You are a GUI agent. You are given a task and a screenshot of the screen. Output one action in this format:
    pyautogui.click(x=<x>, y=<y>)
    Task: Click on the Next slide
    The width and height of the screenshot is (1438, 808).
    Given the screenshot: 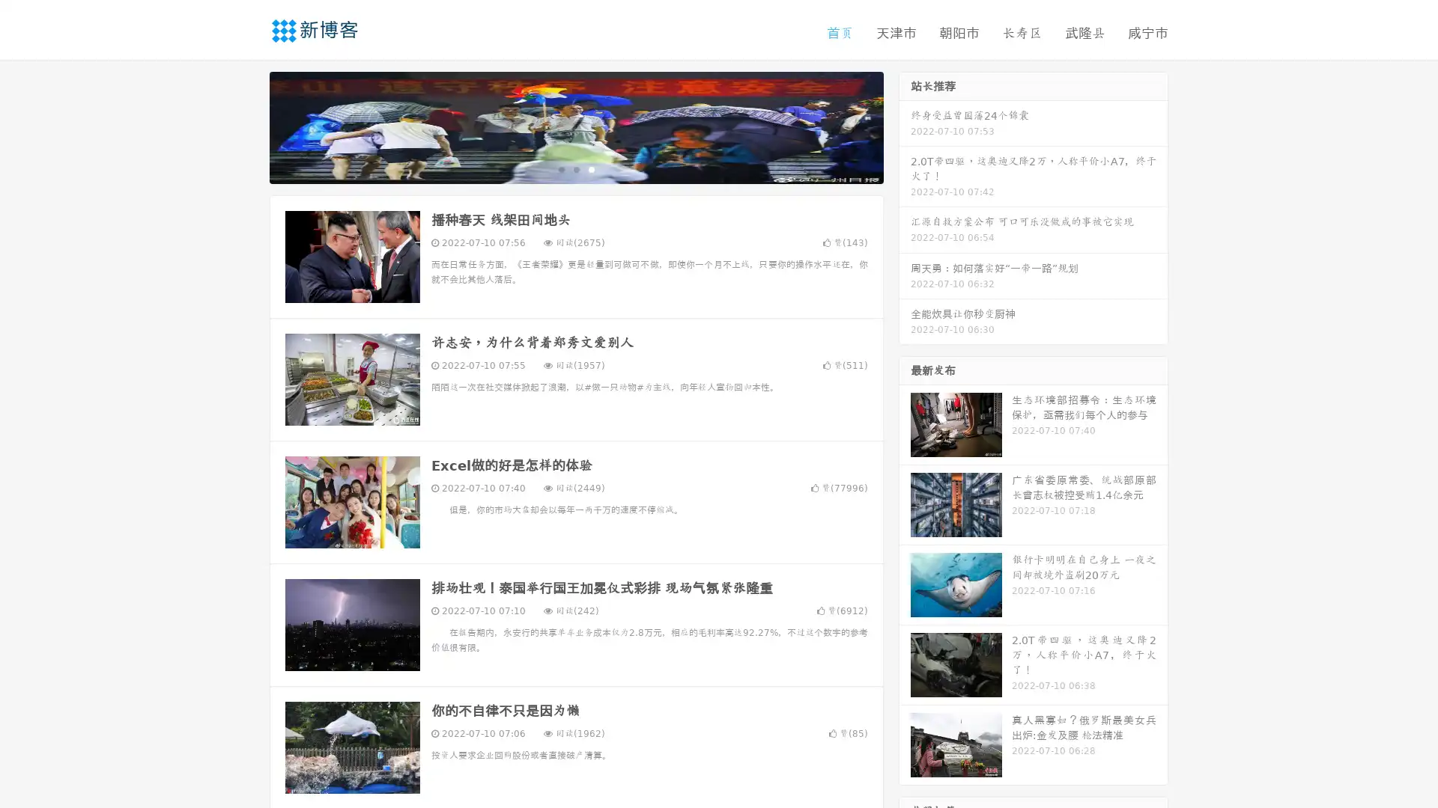 What is the action you would take?
    pyautogui.click(x=905, y=126)
    